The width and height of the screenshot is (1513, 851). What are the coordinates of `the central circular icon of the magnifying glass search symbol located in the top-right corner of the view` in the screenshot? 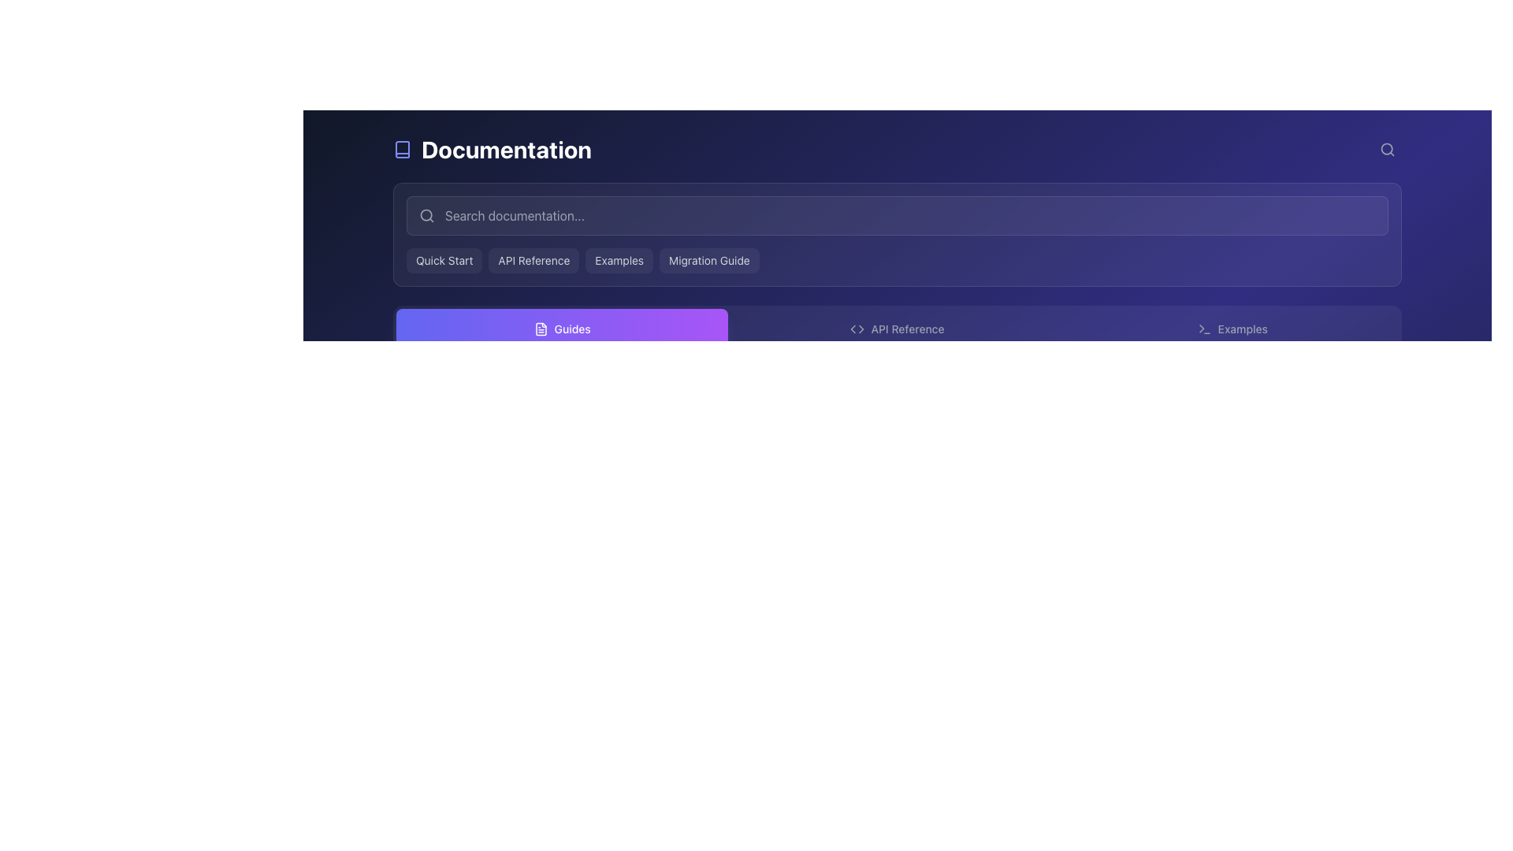 It's located at (1387, 149).